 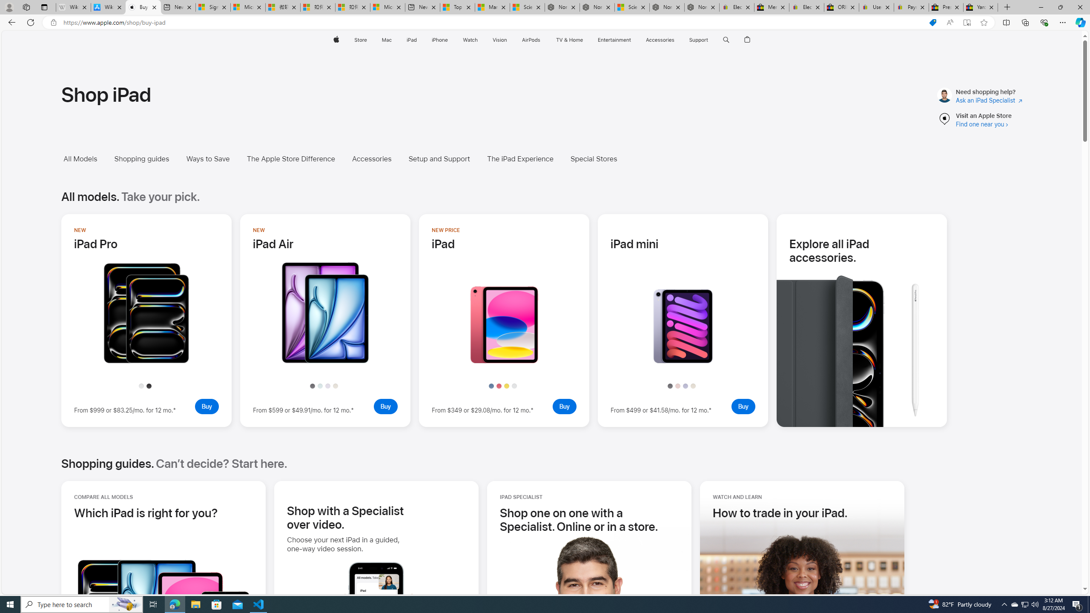 I want to click on 'Class: globalnav-item globalnav-search shift-0-1', so click(x=726, y=40).